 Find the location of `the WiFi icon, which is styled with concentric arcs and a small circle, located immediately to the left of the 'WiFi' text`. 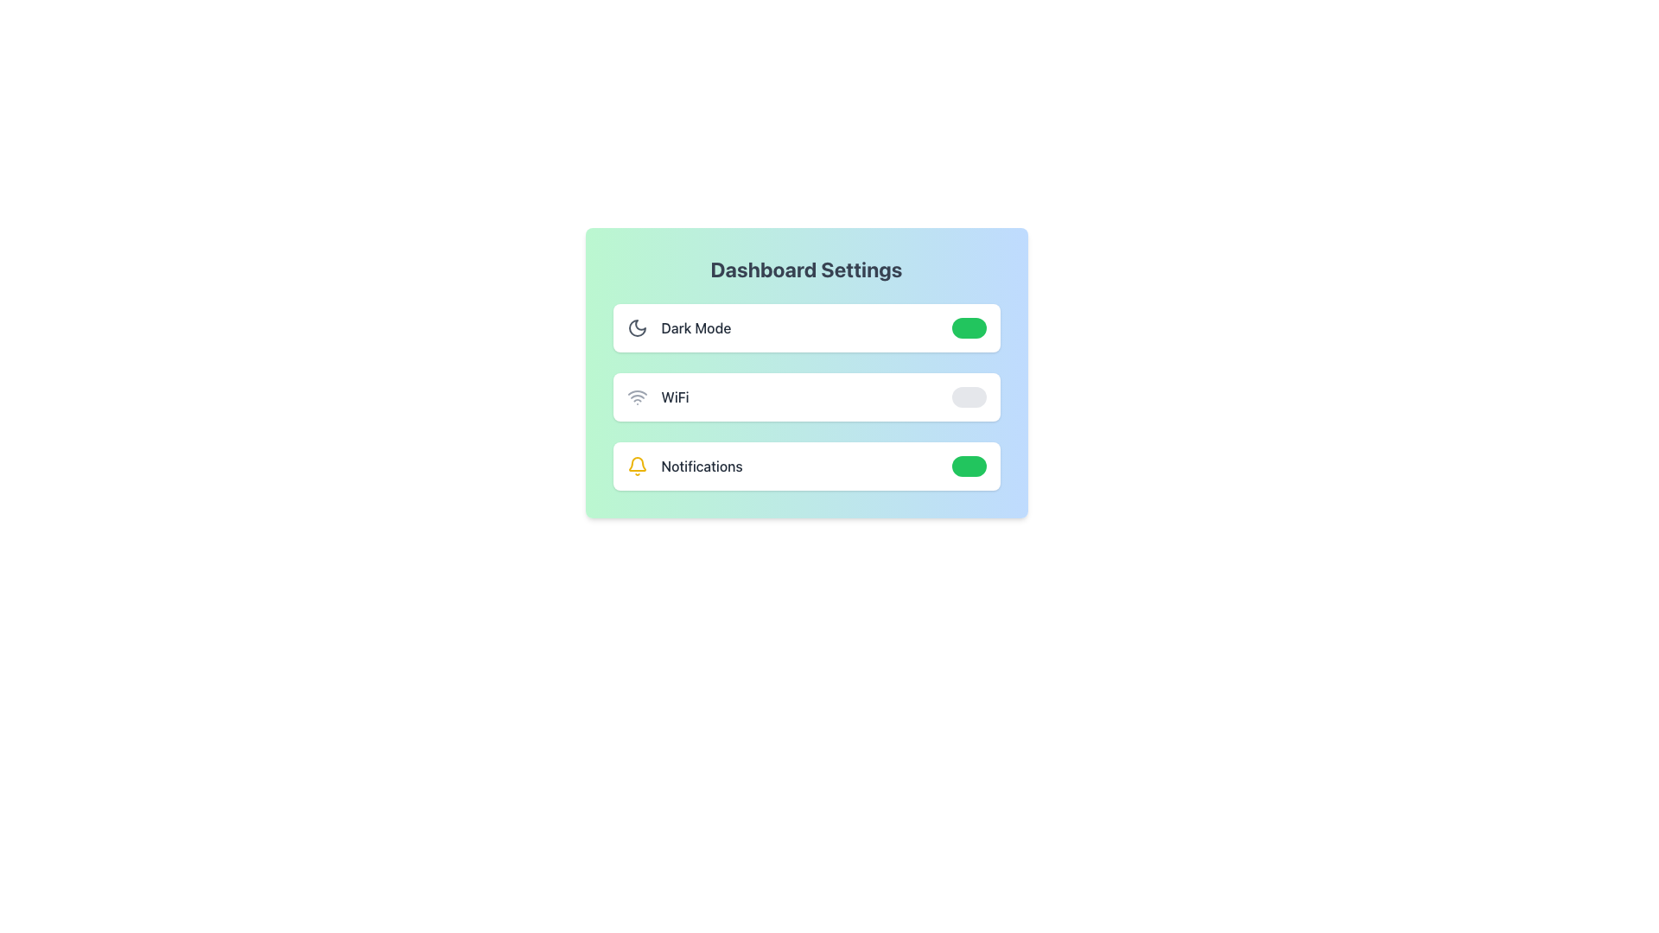

the WiFi icon, which is styled with concentric arcs and a small circle, located immediately to the left of the 'WiFi' text is located at coordinates (636, 397).